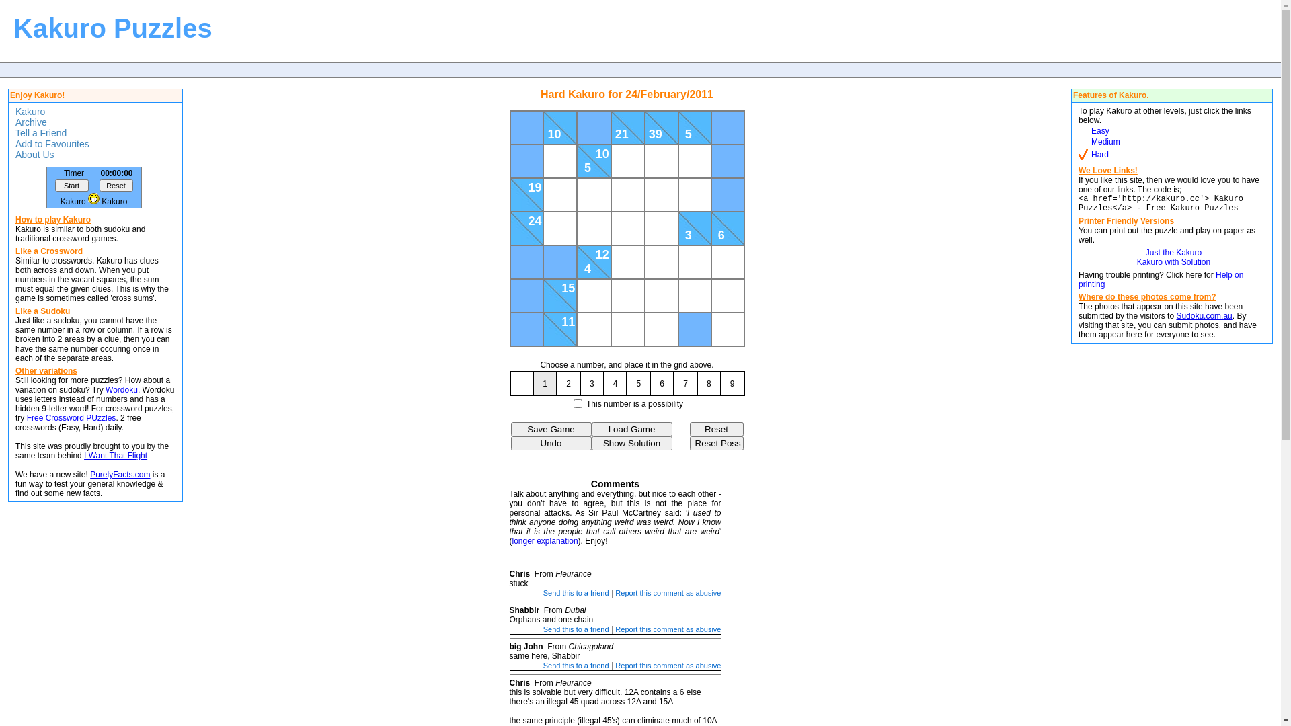 The width and height of the screenshot is (1291, 726). What do you see at coordinates (551, 443) in the screenshot?
I see `'Undo'` at bounding box center [551, 443].